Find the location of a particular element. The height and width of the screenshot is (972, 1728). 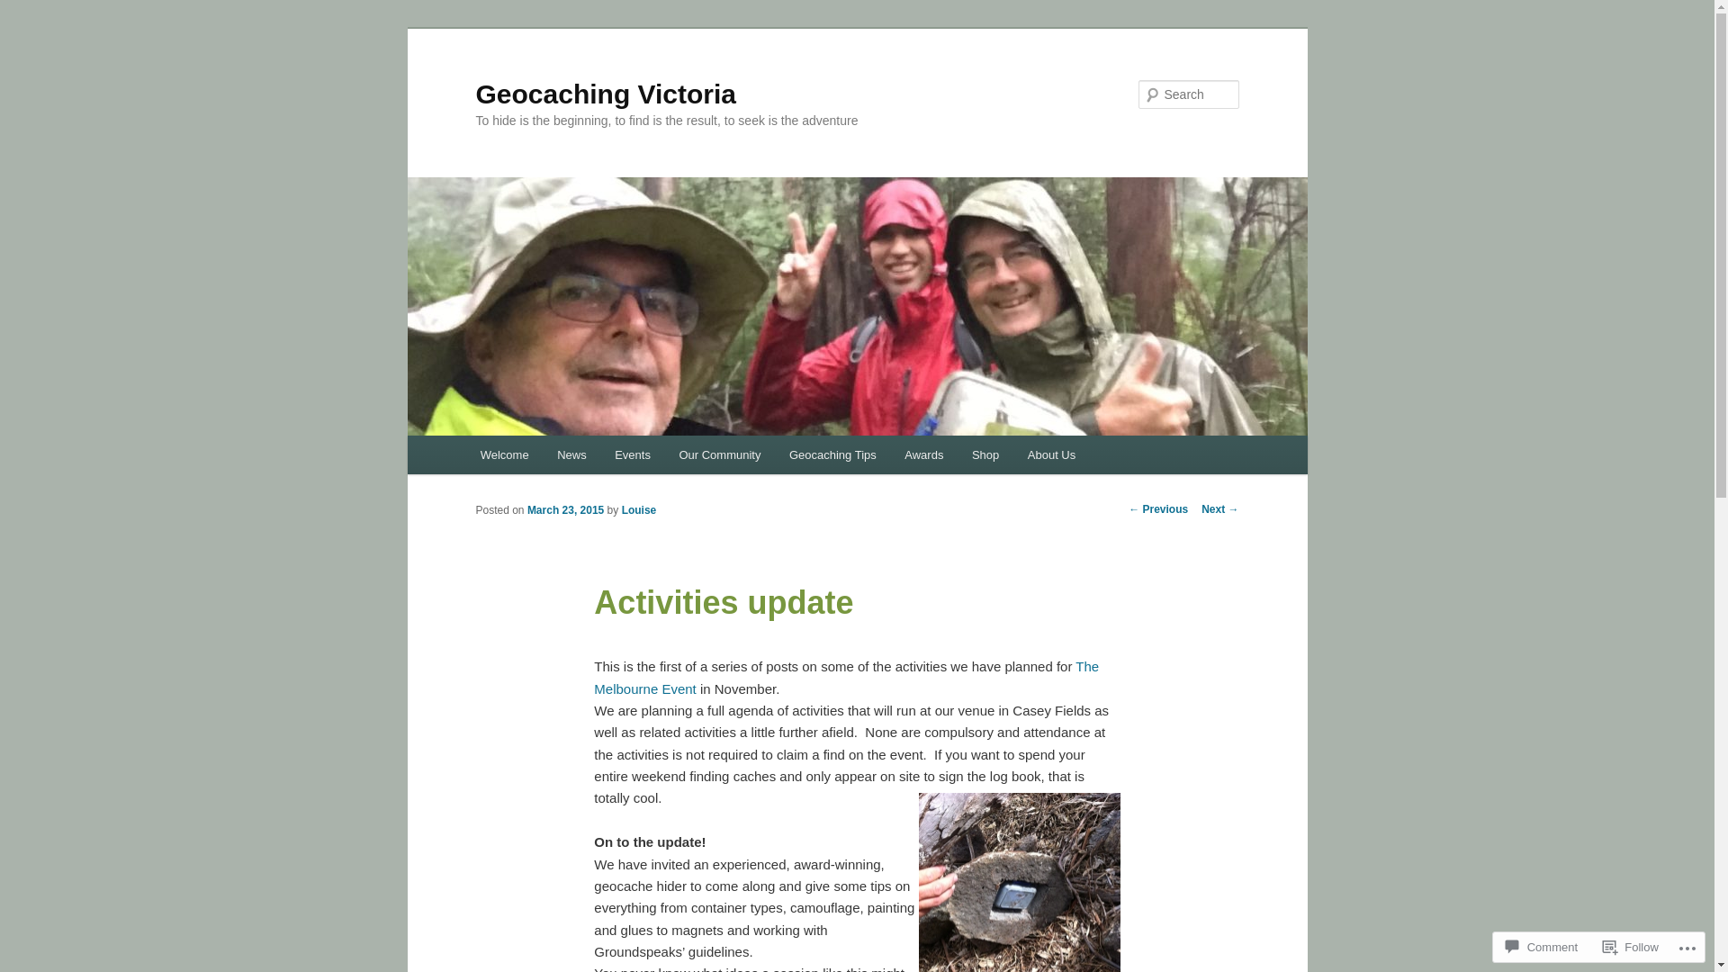

'Welcome' is located at coordinates (504, 454).